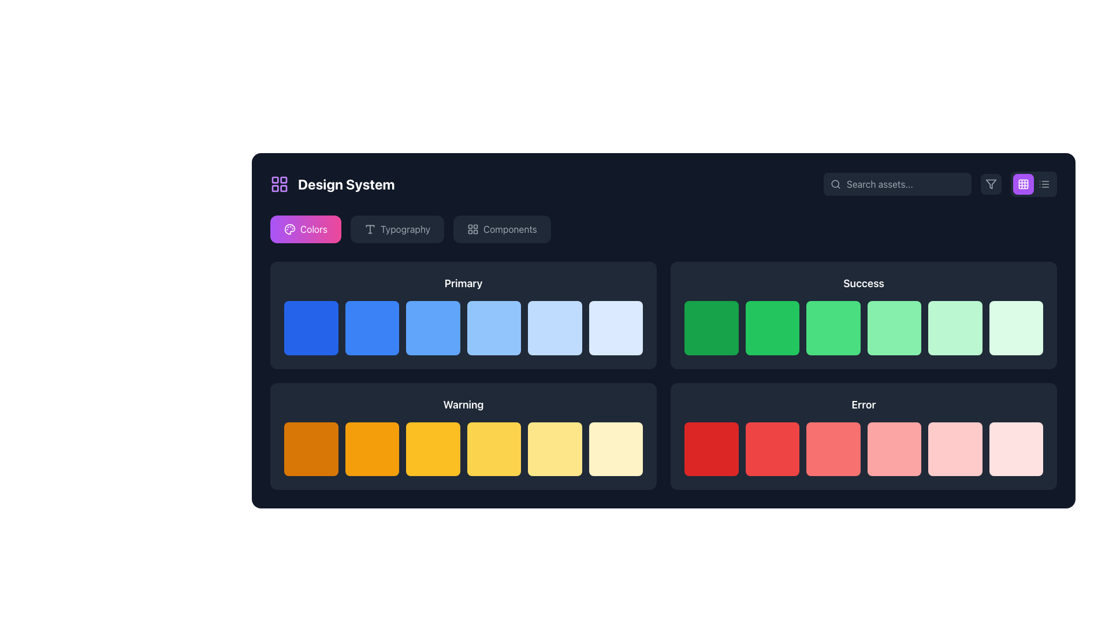 This screenshot has width=1109, height=624. I want to click on the menu button represented by three horizontal lines located in the top-right corner of the interface, so click(1044, 184).